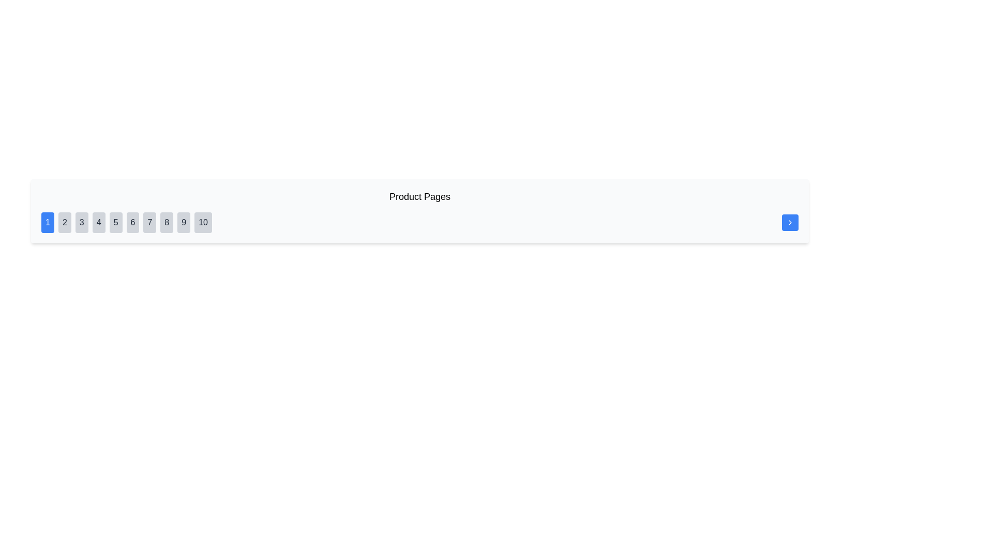 This screenshot has width=993, height=558. What do you see at coordinates (789, 222) in the screenshot?
I see `the pagination button located at the rightmost end of the pagination row` at bounding box center [789, 222].